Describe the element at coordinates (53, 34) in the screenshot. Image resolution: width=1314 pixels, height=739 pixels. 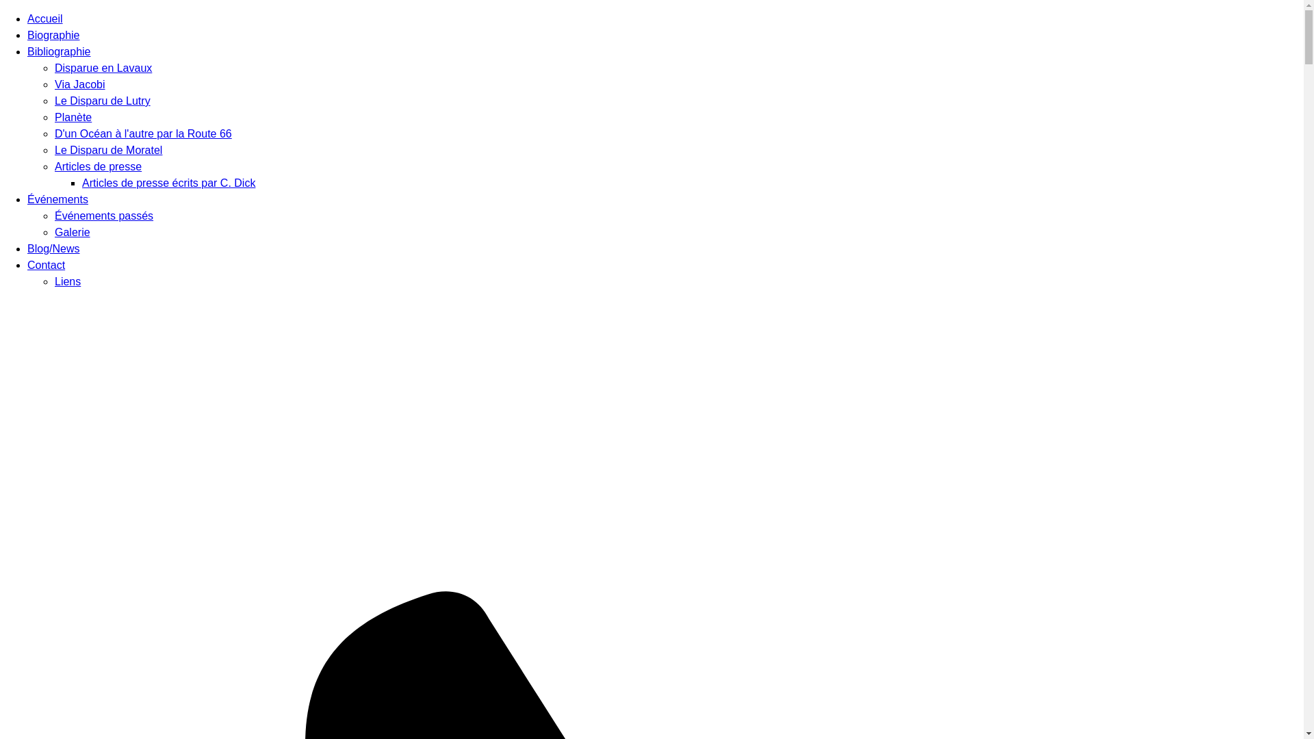
I see `'Biographie'` at that location.